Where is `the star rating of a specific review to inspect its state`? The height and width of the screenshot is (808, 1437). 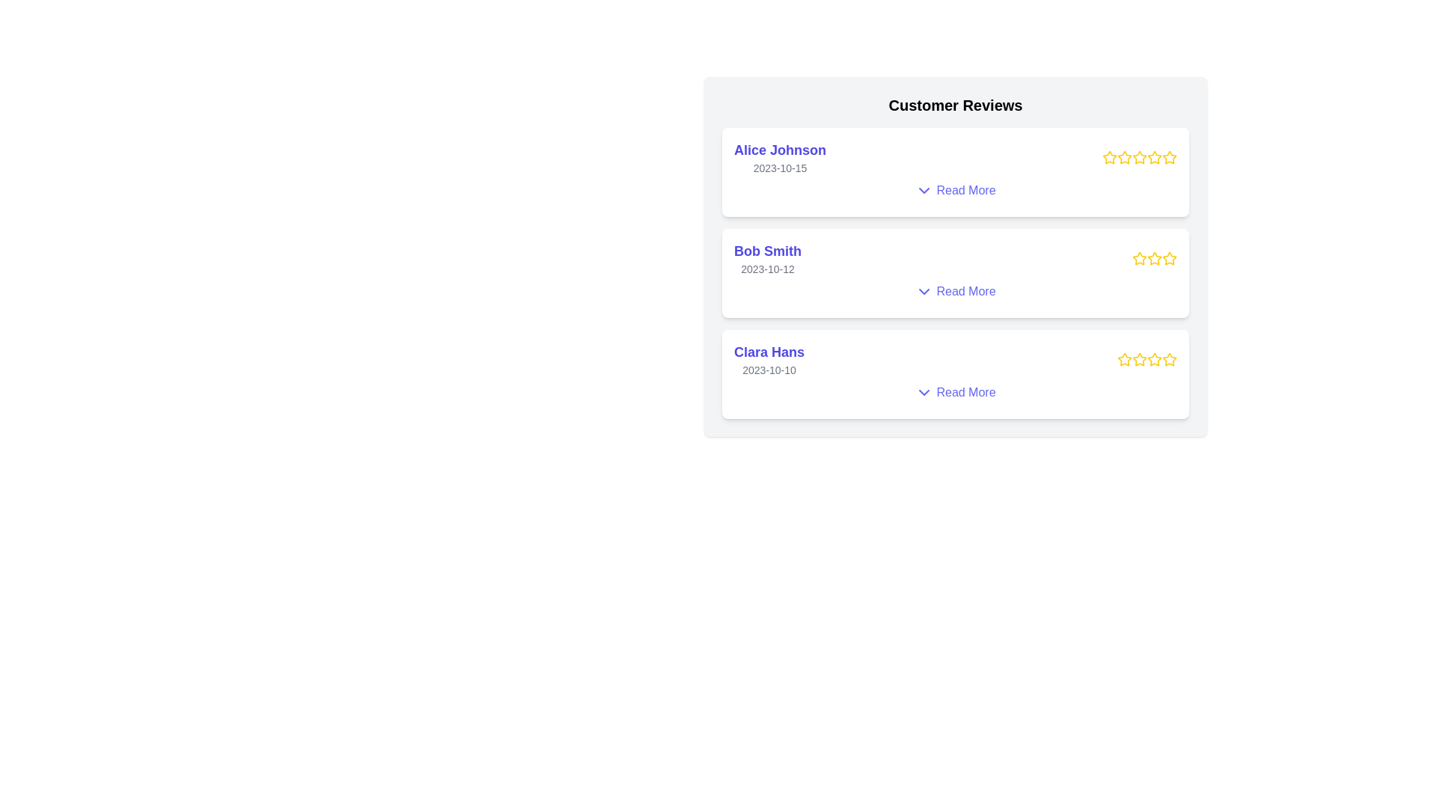
the star rating of a specific review to inspect its state is located at coordinates (1110, 158).